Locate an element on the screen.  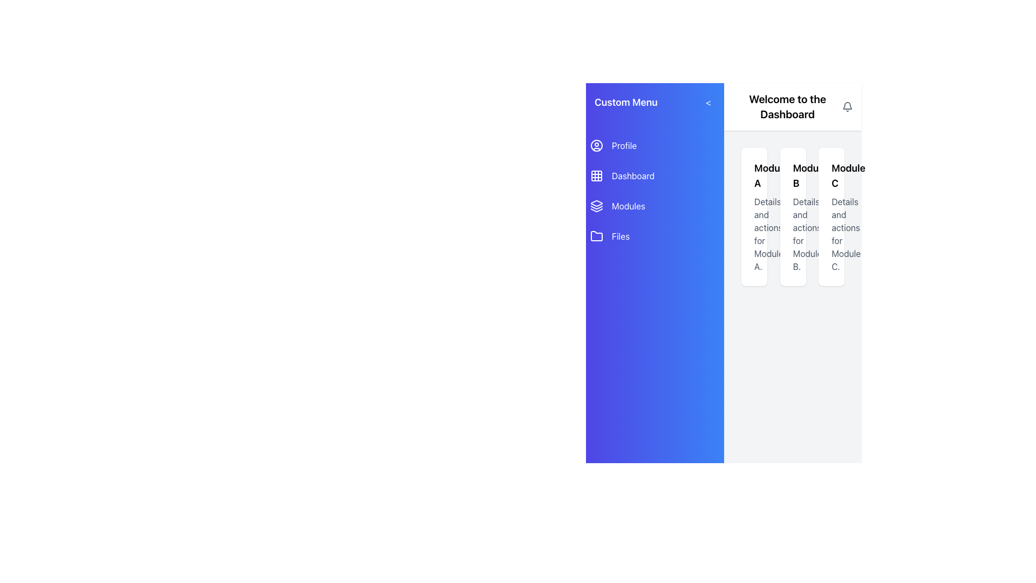
the first item in the vertical menu list on the left side of the interface is located at coordinates (655, 146).